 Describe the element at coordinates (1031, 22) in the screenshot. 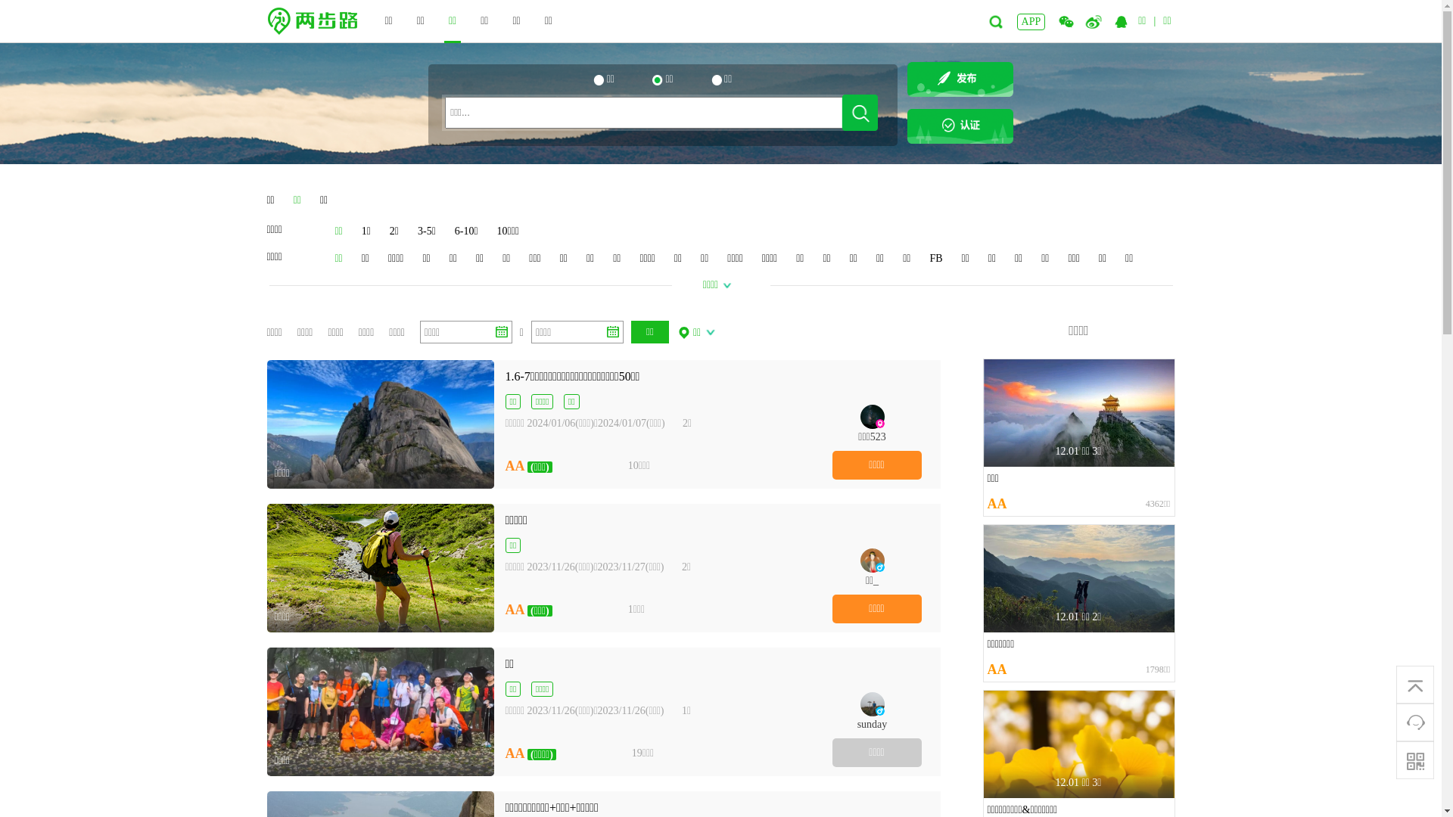

I see `'APP'` at that location.